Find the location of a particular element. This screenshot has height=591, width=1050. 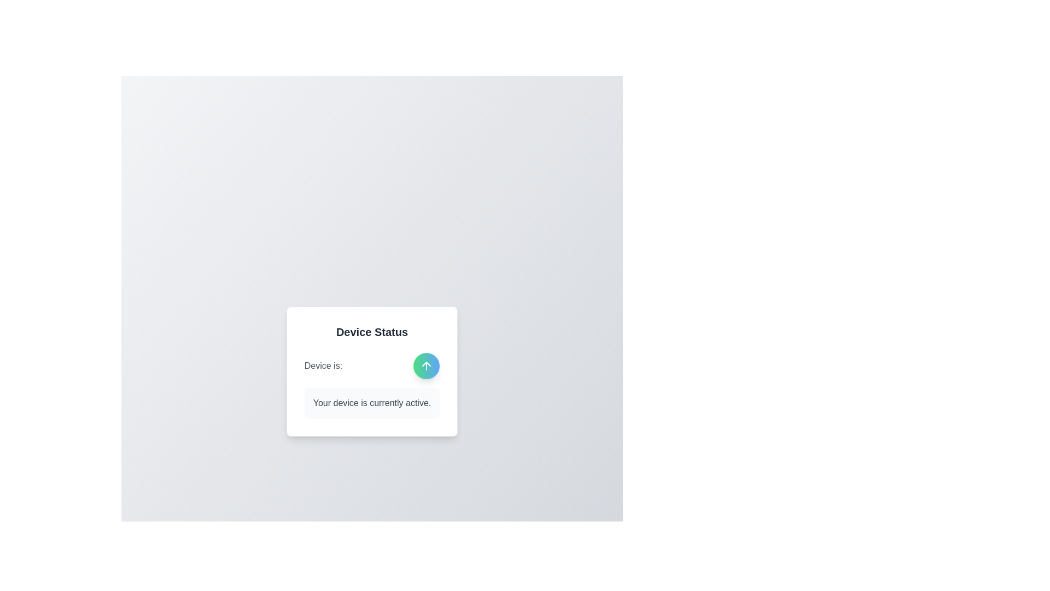

the text label header that indicates the context or purpose of the associated components below it, specifically about the status of a device is located at coordinates (372, 331).